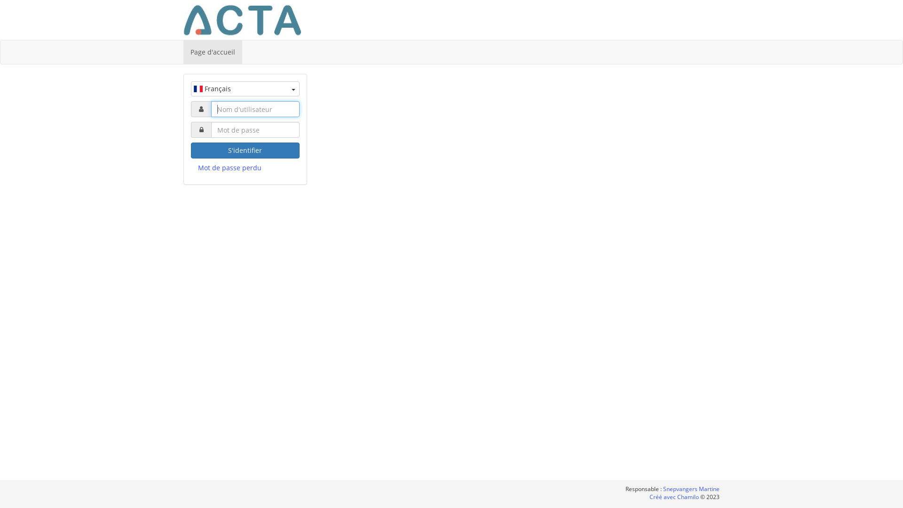 This screenshot has height=508, width=903. I want to click on 'S'identifier', so click(245, 150).